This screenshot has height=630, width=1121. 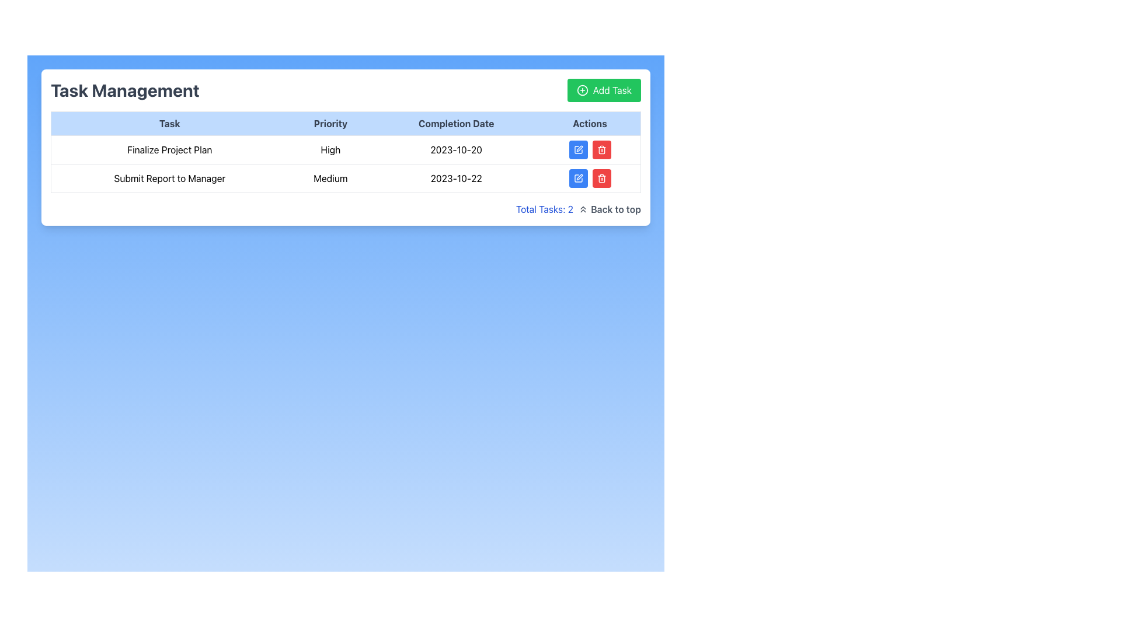 I want to click on the 'Task' header label in the task management table, which is the first item in the header row, so click(x=169, y=124).